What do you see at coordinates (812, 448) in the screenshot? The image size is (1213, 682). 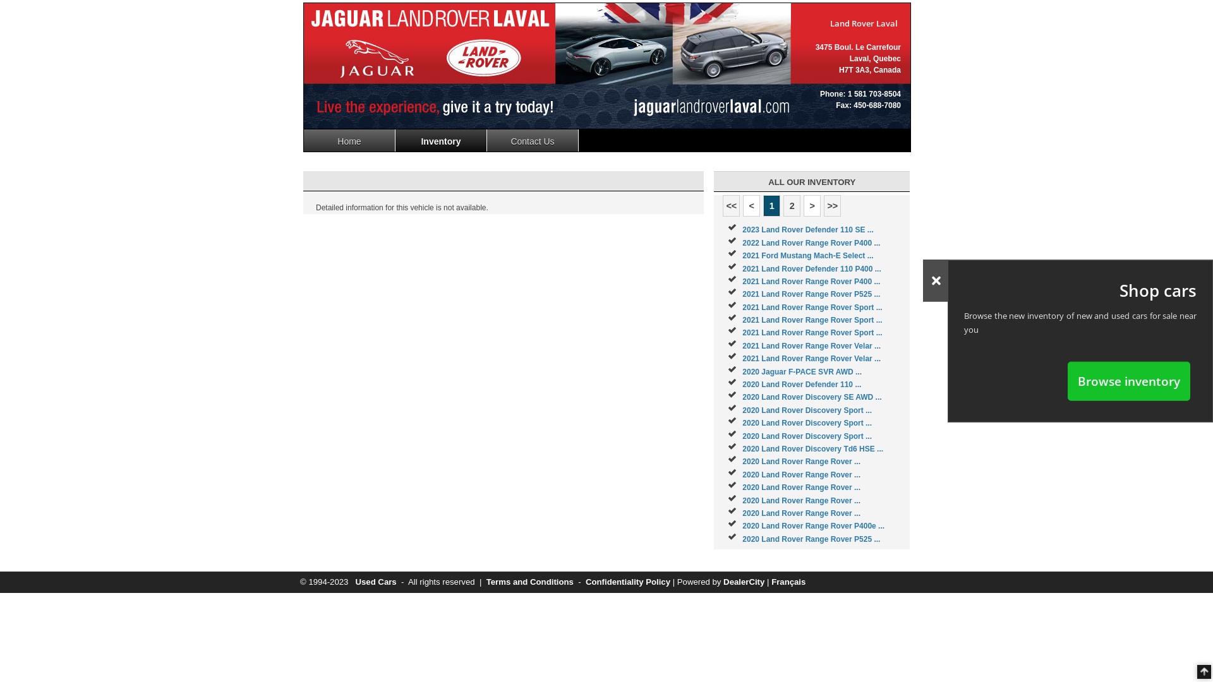 I see `'2020 Land Rover Discovery Td6 HSE ...'` at bounding box center [812, 448].